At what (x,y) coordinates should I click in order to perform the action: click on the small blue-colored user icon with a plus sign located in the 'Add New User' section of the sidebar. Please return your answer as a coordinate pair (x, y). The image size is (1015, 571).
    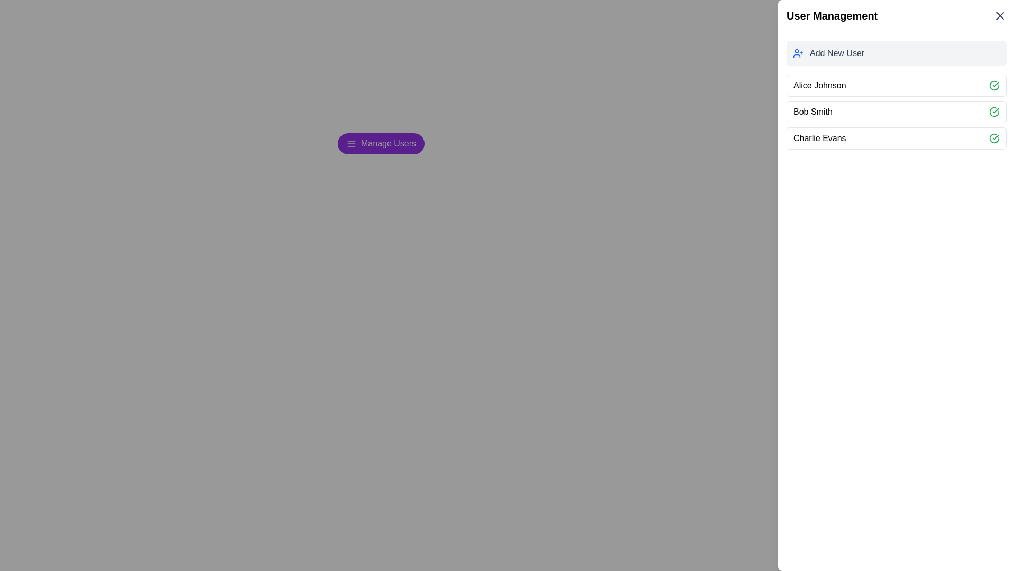
    Looking at the image, I should click on (798, 53).